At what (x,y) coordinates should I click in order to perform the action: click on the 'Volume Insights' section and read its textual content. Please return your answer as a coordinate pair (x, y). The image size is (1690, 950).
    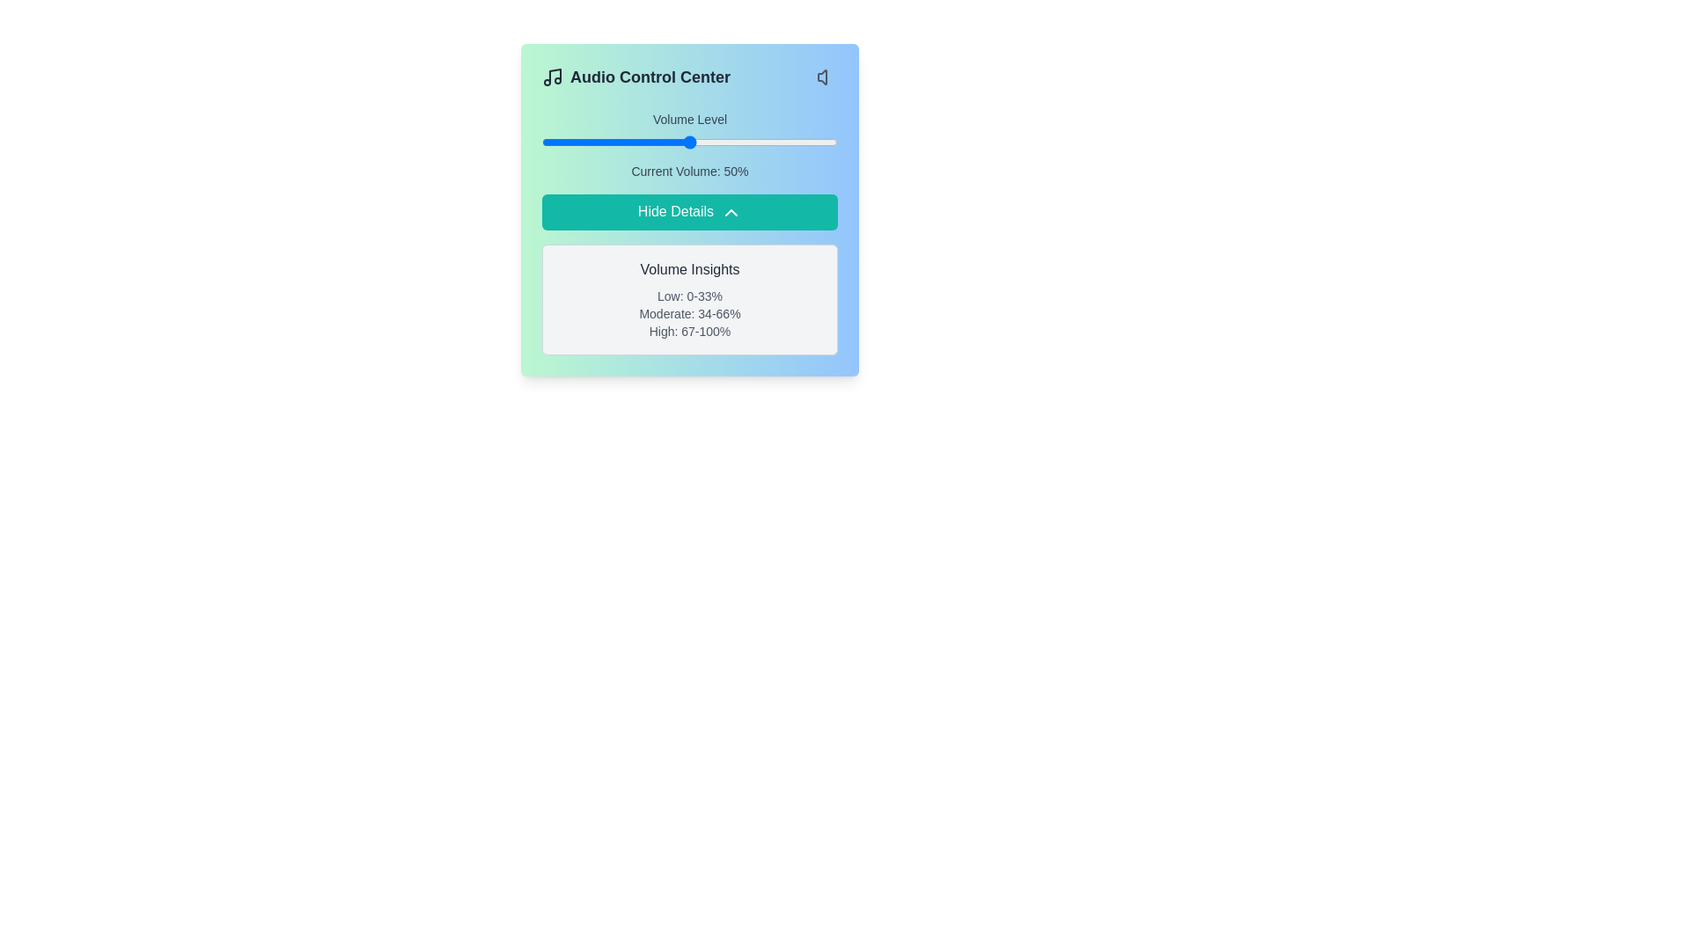
    Looking at the image, I should click on (688, 298).